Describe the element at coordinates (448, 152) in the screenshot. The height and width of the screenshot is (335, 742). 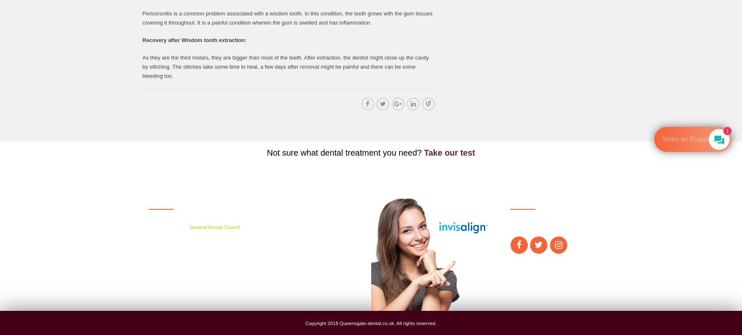
I see `'Take our test'` at that location.